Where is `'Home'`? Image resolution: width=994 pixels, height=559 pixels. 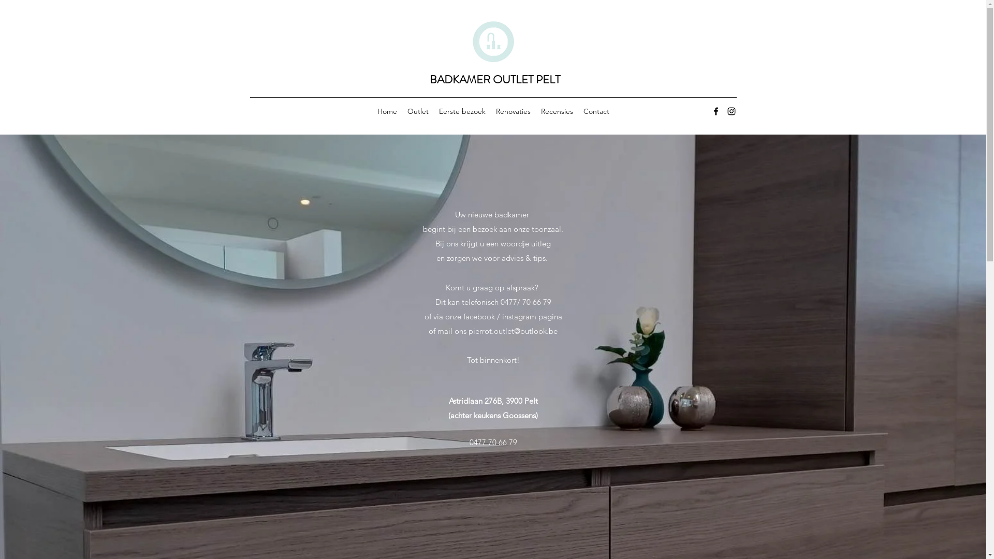
'Home' is located at coordinates (372, 111).